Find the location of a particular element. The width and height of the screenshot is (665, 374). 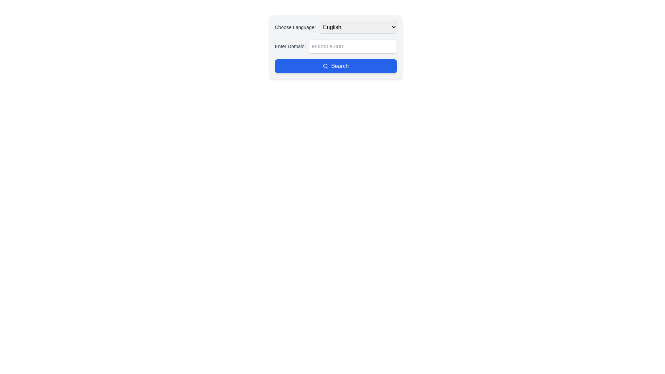

the dropdown menu labeled 'Choose Language:' is located at coordinates (336, 27).